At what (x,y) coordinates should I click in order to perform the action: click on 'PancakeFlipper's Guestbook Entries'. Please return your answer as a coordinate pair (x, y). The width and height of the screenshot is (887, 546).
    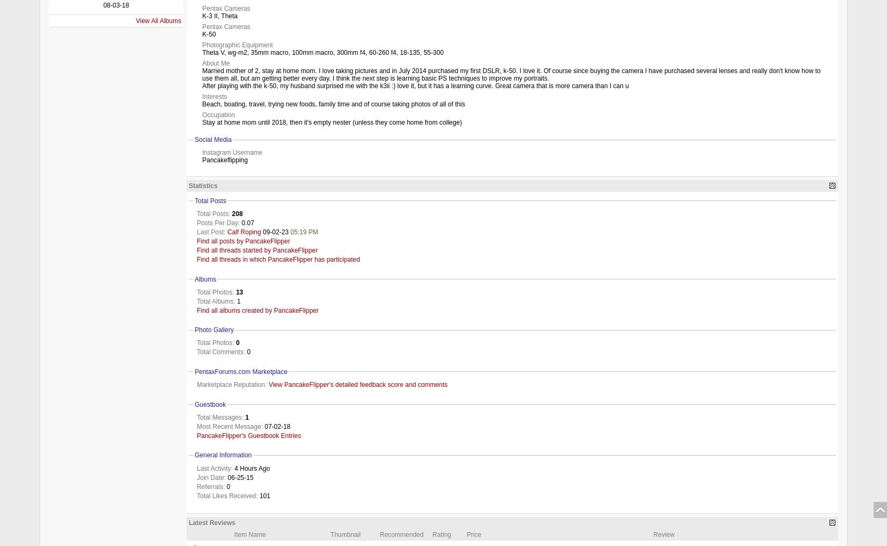
    Looking at the image, I should click on (196, 434).